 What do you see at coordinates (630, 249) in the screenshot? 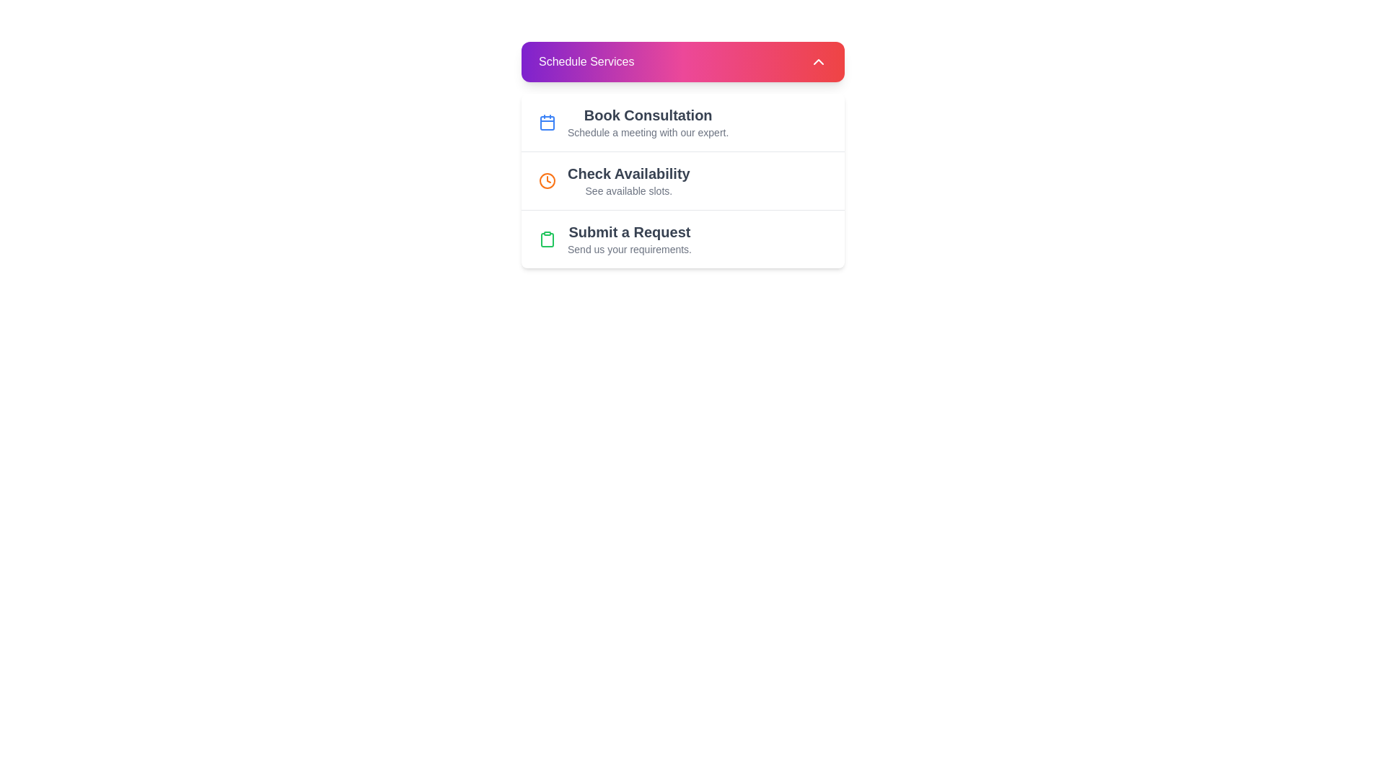
I see `the text label displaying 'Send us your requirements.' which is styled in gray and positioned below the 'Submit a Request' heading within the 'Schedule Services' panel` at bounding box center [630, 249].